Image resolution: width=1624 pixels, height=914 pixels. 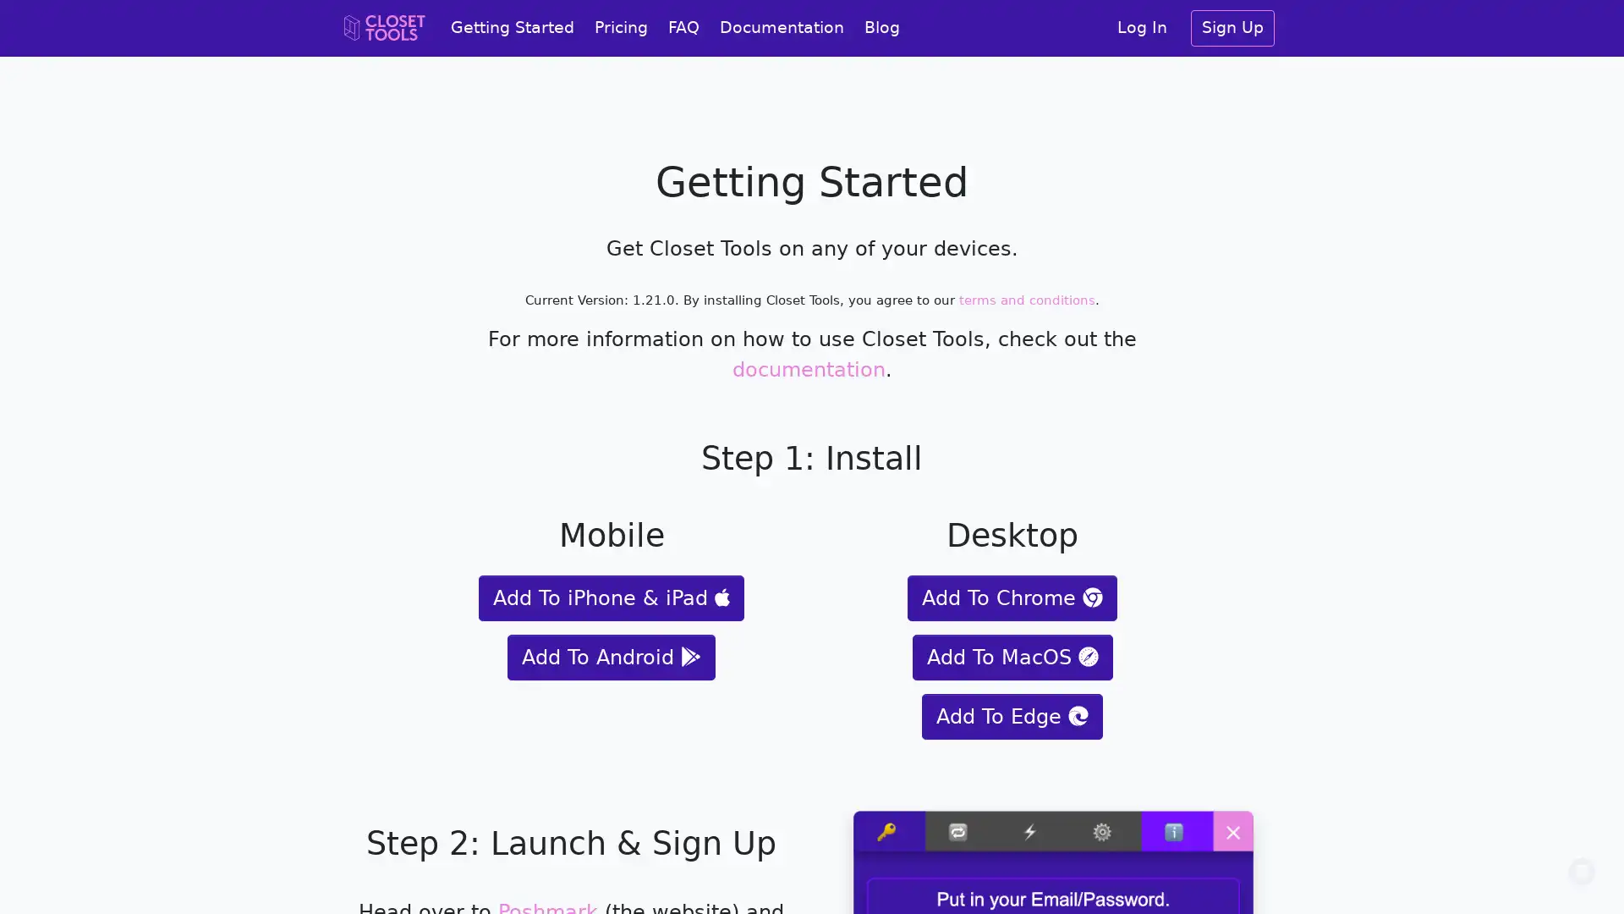 What do you see at coordinates (1012, 596) in the screenshot?
I see `Add To Chrome` at bounding box center [1012, 596].